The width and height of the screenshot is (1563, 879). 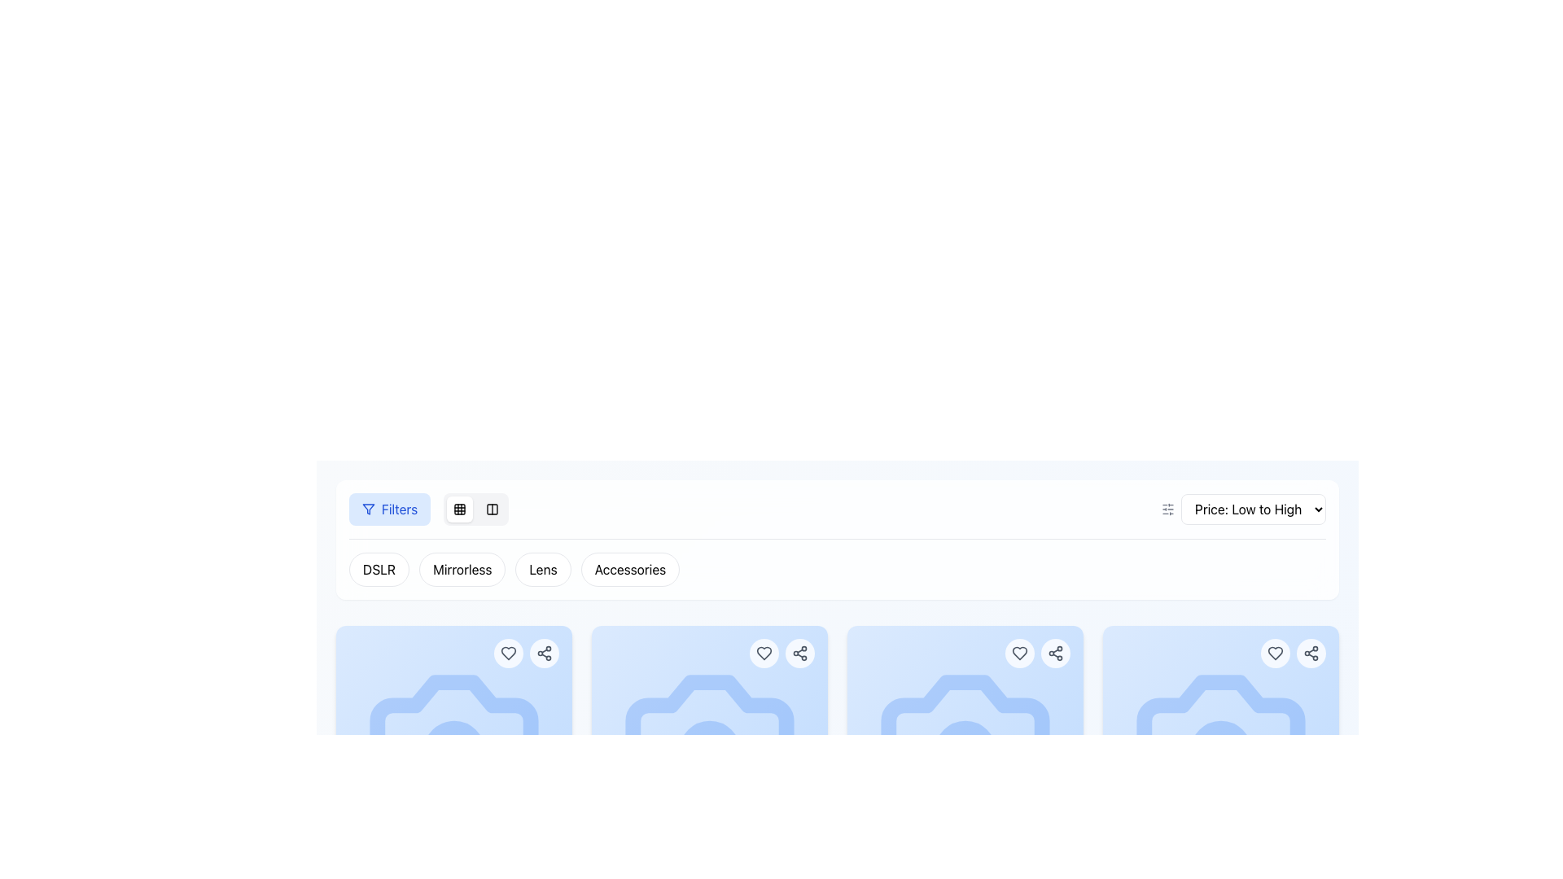 What do you see at coordinates (1055, 652) in the screenshot?
I see `the share icon button located in the top-right corner of the card item, which is positioned immediately to the right of the heart-shaped button` at bounding box center [1055, 652].